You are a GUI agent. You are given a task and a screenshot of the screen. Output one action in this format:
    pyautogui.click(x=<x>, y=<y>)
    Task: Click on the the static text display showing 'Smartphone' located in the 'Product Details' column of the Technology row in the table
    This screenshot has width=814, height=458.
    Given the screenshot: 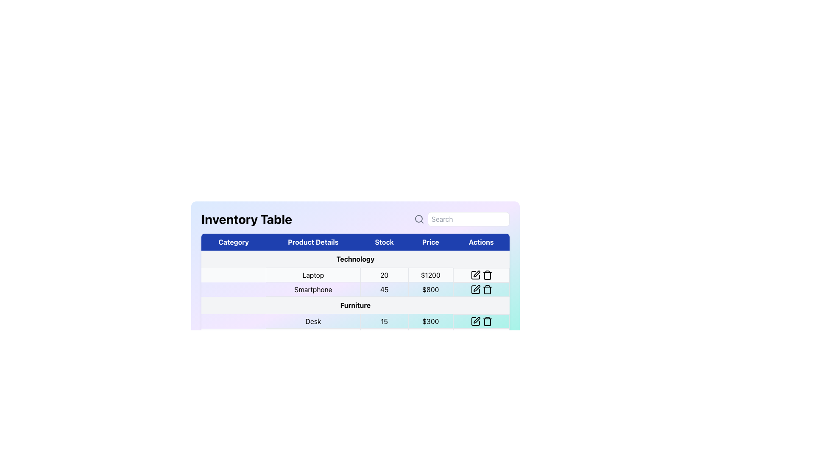 What is the action you would take?
    pyautogui.click(x=313, y=289)
    